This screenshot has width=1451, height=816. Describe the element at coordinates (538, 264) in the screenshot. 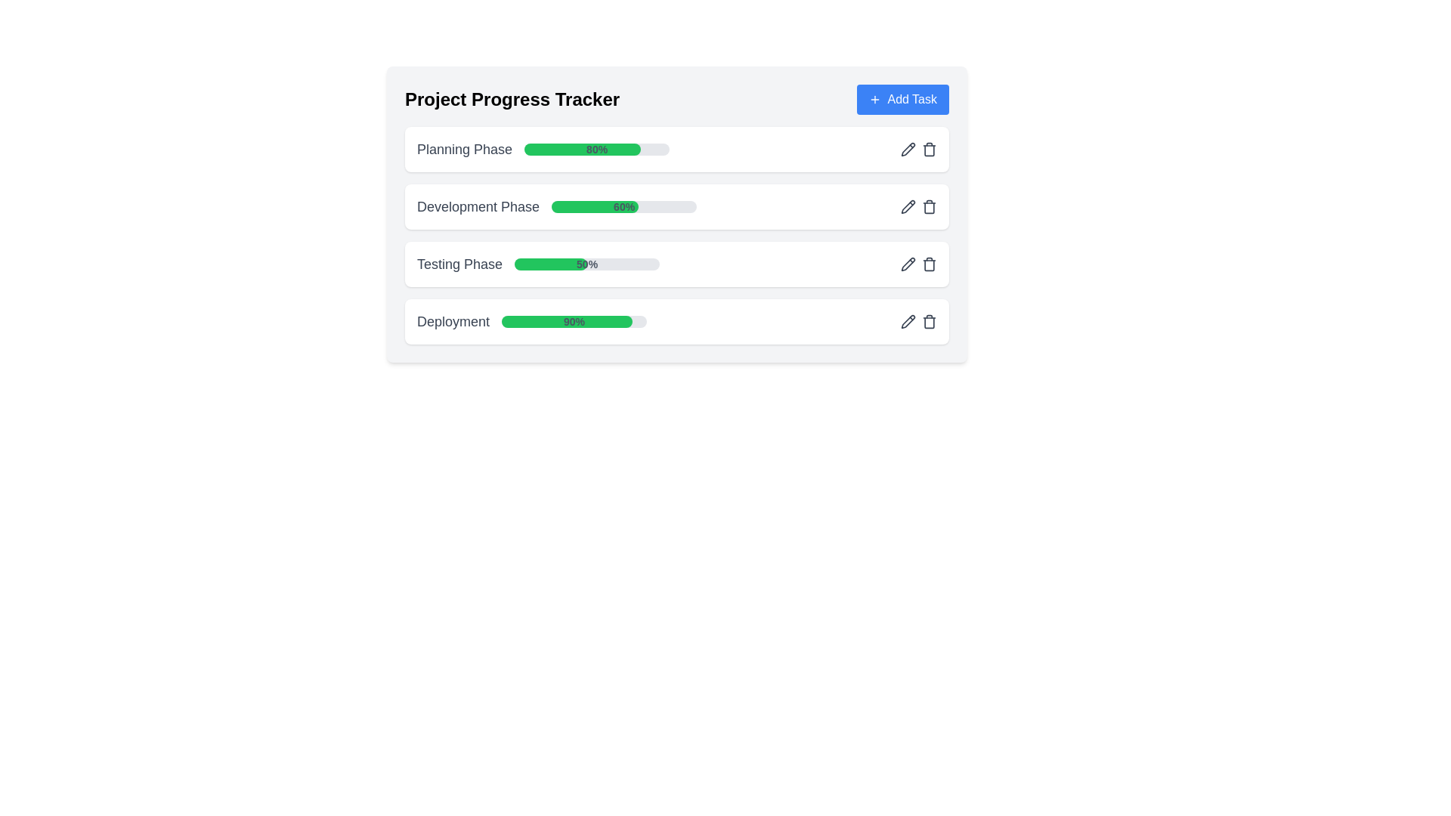

I see `the Progress Indicator Row that represents the progress for the 'Testing Phase' of a task, situated between the 'Development Phase' and 'Deployment' rows in the 'Project Progress Tracker' card` at that location.